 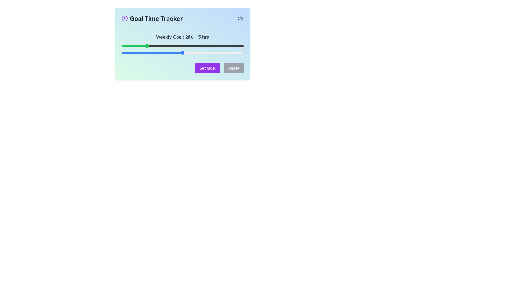 I want to click on the slider value, so click(x=219, y=53).